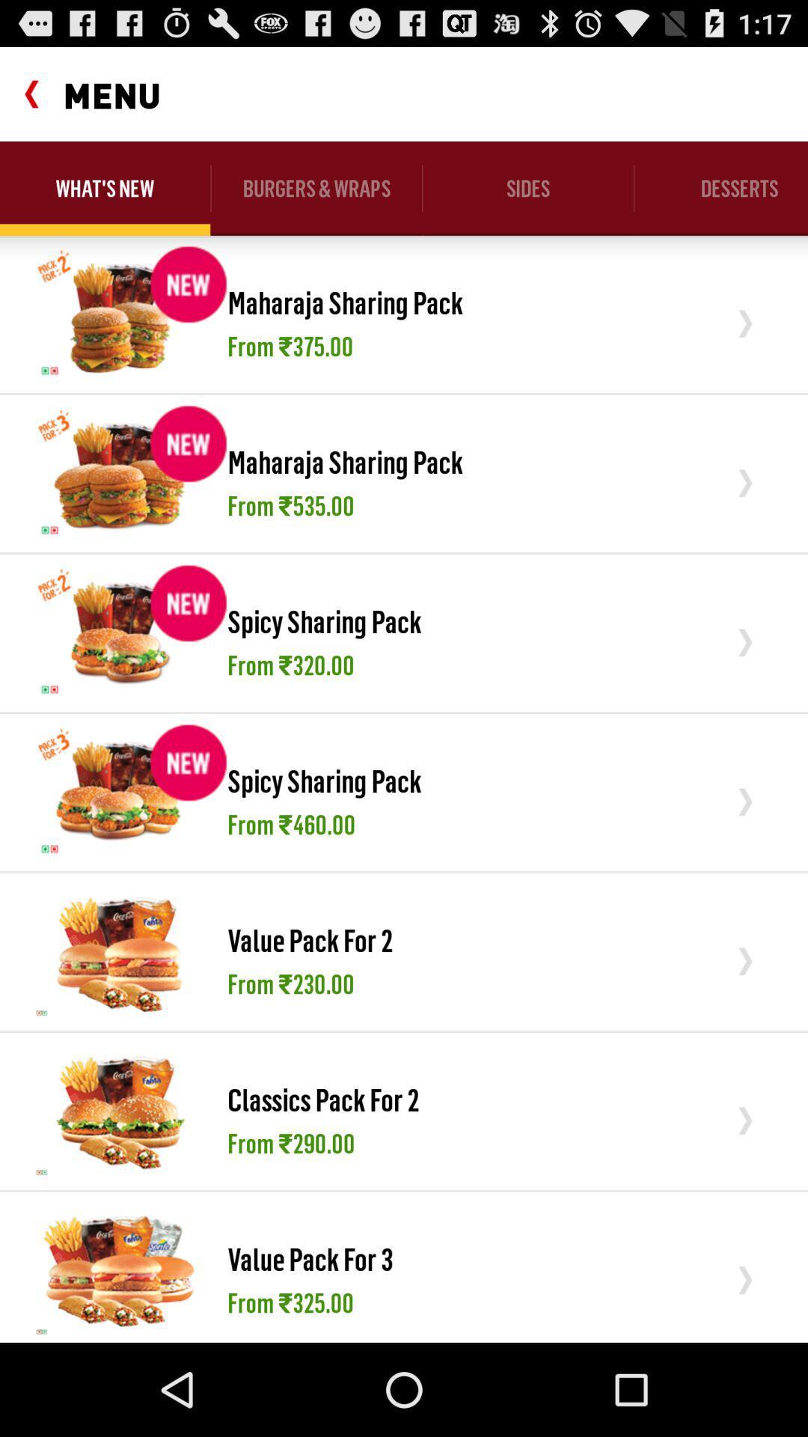 The height and width of the screenshot is (1437, 808). I want to click on icon below what's new icon, so click(119, 313).